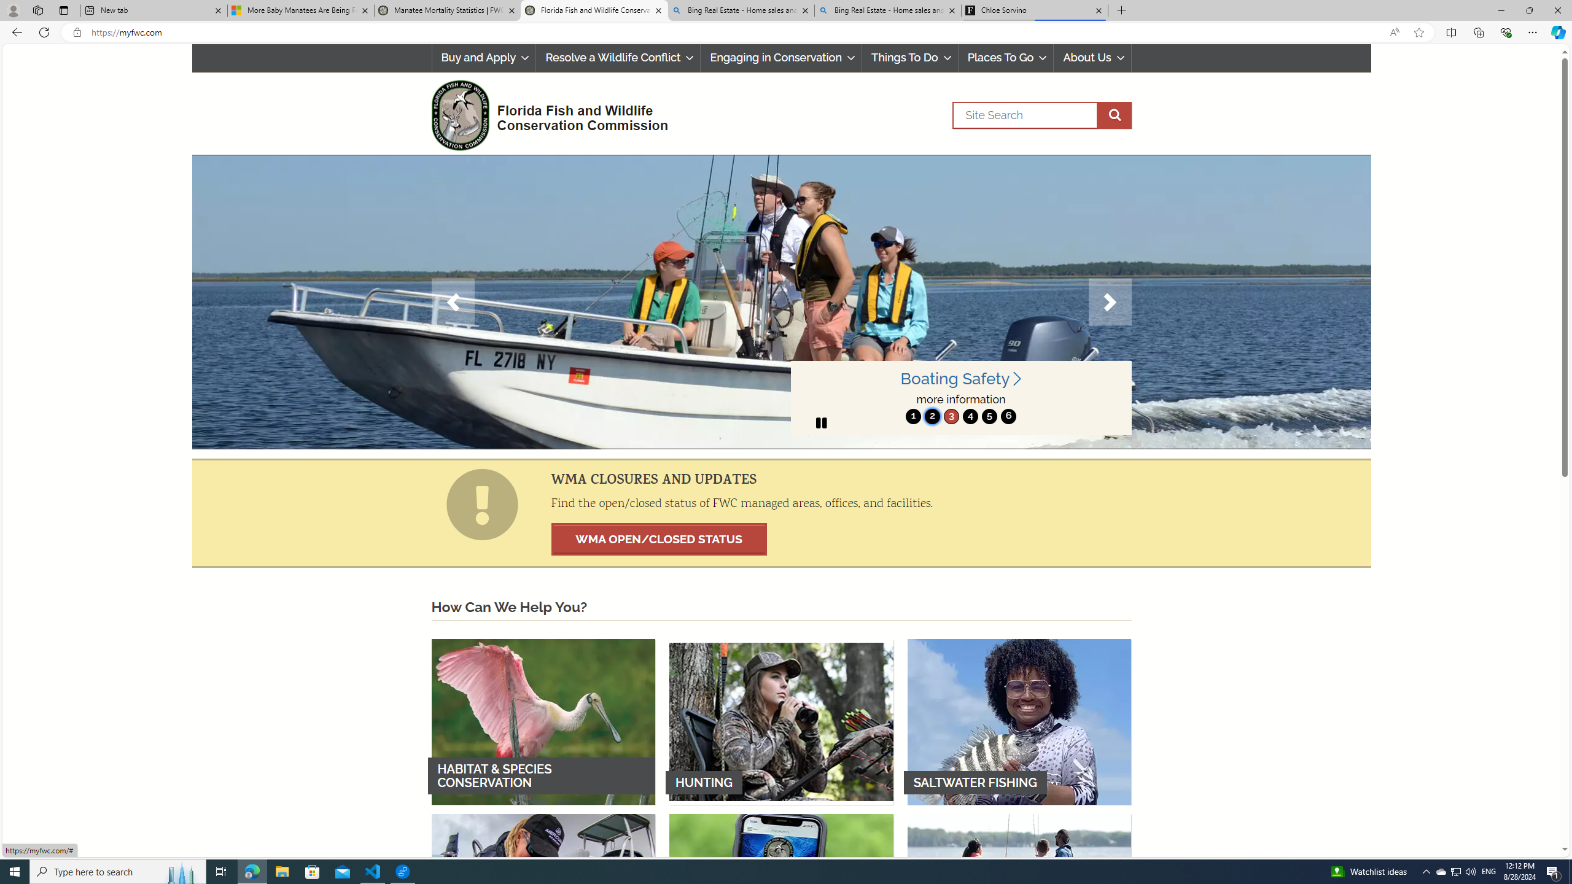 The height and width of the screenshot is (884, 1572). I want to click on '3', so click(951, 416).